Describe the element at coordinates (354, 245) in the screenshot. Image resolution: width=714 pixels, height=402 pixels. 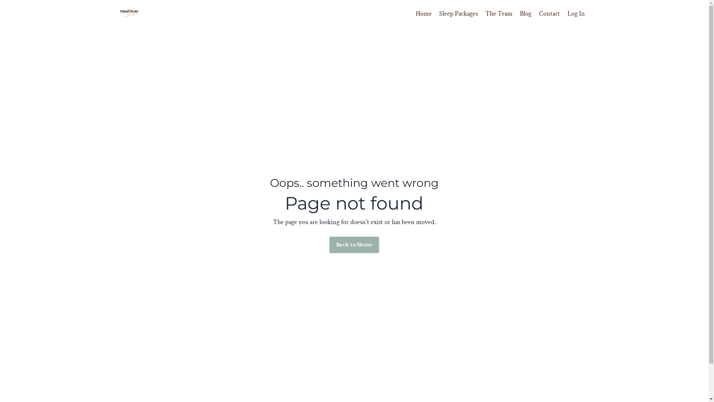
I see `'Back to Home'` at that location.